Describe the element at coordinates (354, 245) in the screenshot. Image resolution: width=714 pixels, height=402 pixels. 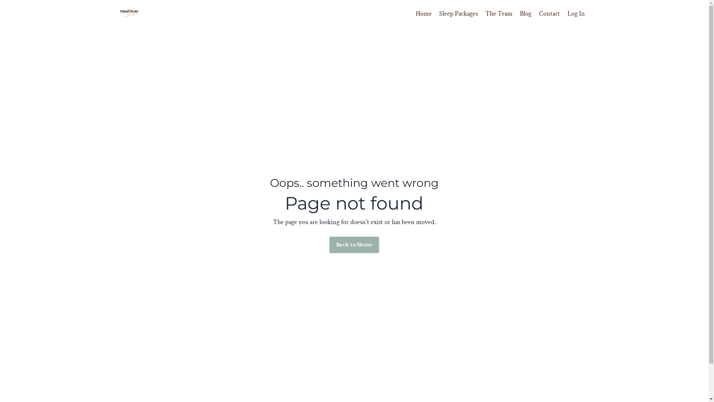
I see `'Back to Home'` at that location.